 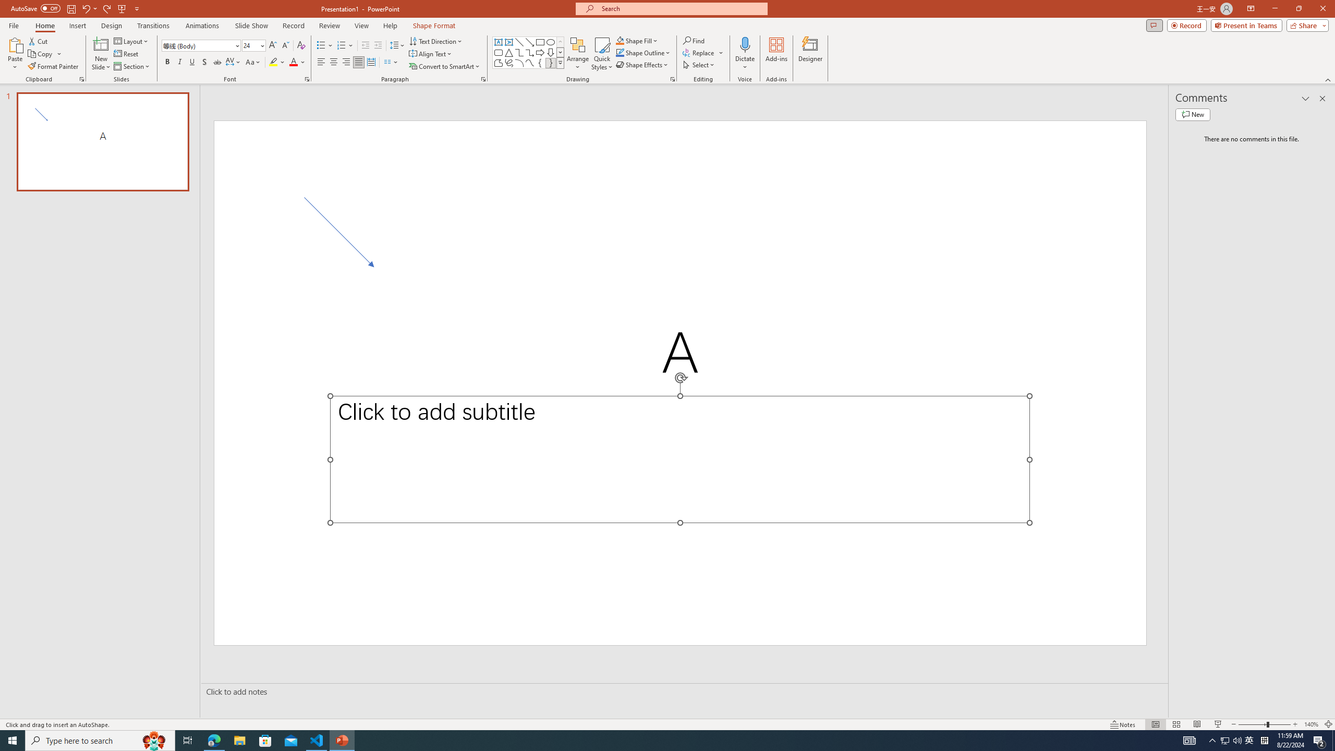 I want to click on 'Shape Format', so click(x=434, y=26).